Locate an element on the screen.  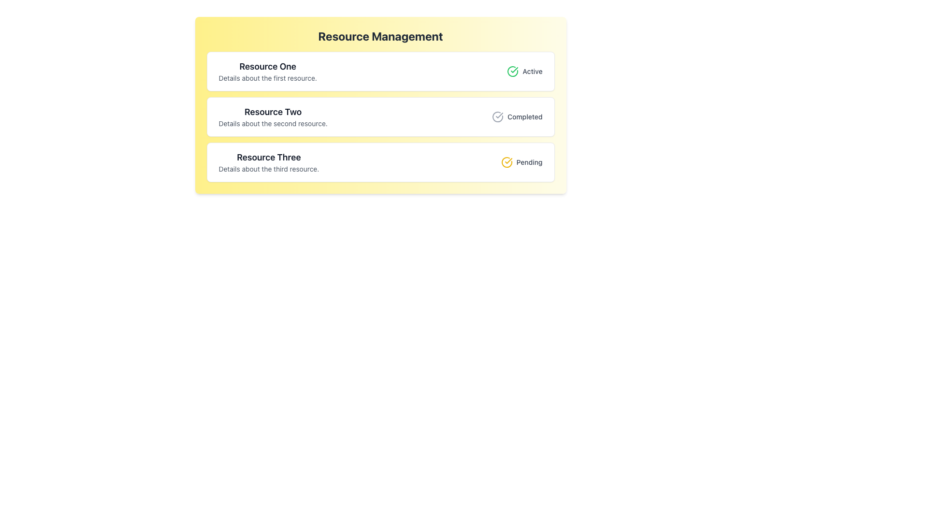
the Static Text Label indicating 'Pending' status for the third resource row in the status section is located at coordinates (529, 161).